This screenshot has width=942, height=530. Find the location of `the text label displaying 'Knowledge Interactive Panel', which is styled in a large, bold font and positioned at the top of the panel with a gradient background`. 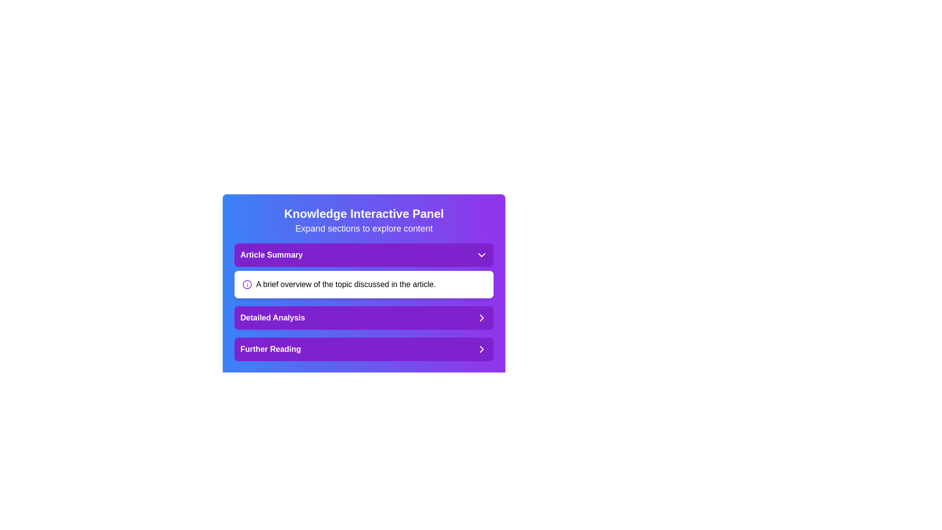

the text label displaying 'Knowledge Interactive Panel', which is styled in a large, bold font and positioned at the top of the panel with a gradient background is located at coordinates (364, 213).